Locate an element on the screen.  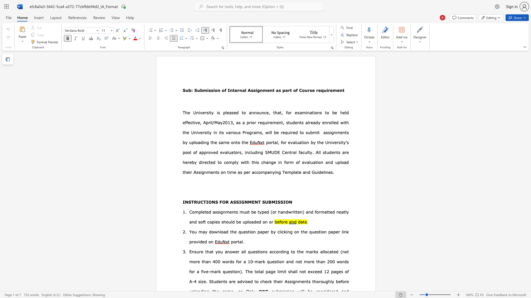
the subset text "f evaluation and upload their Assignments on time as per acc" within the text "this change in form of evaluation and upload their Assignments on time as per accompanying Tem" is located at coordinates (298, 162).